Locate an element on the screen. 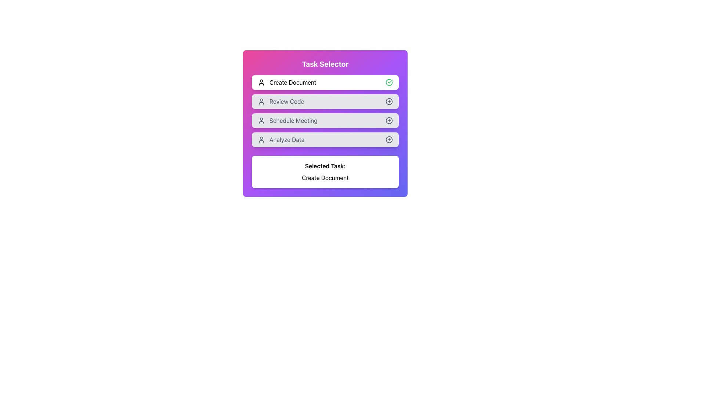  the label displaying 'Selected Task:' which is bold and centered, located above the 'Create Document' text is located at coordinates (325, 166).